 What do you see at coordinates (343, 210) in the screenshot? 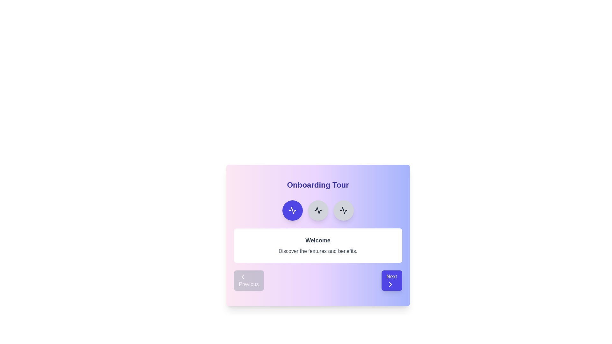
I see `the rightmost button in the horizontal group of three buttons located under the 'Onboarding Tour' title and above the 'Welcome' text` at bounding box center [343, 210].